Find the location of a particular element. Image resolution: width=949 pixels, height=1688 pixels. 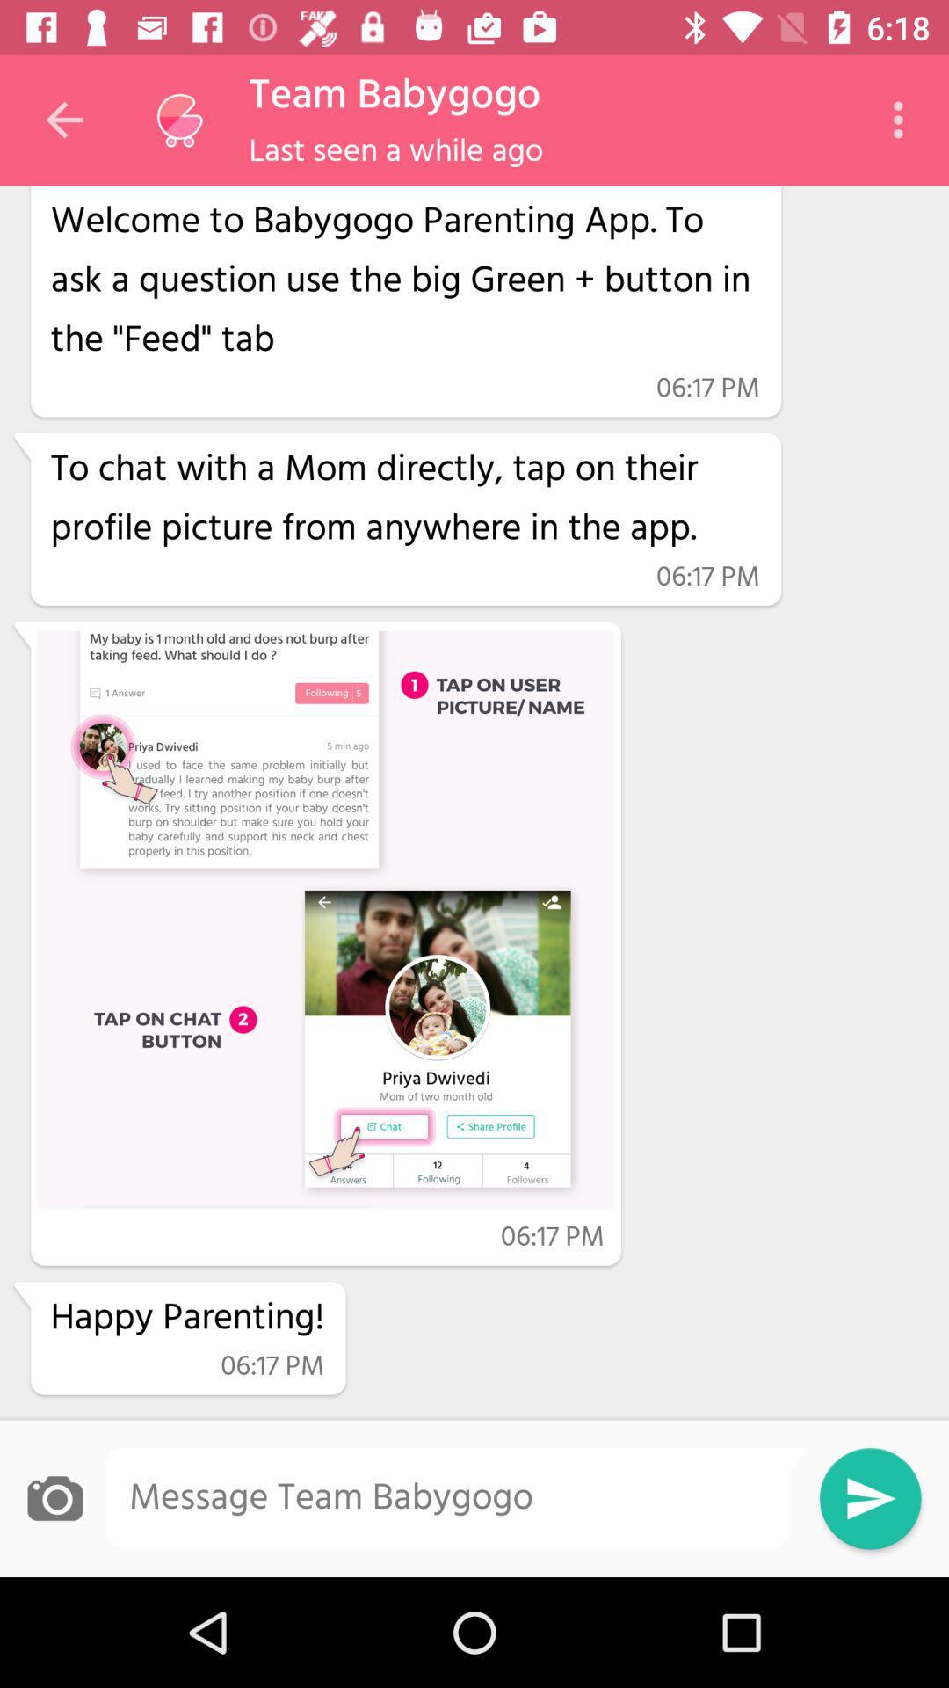

icon below 06:17 pm icon is located at coordinates (405, 498).